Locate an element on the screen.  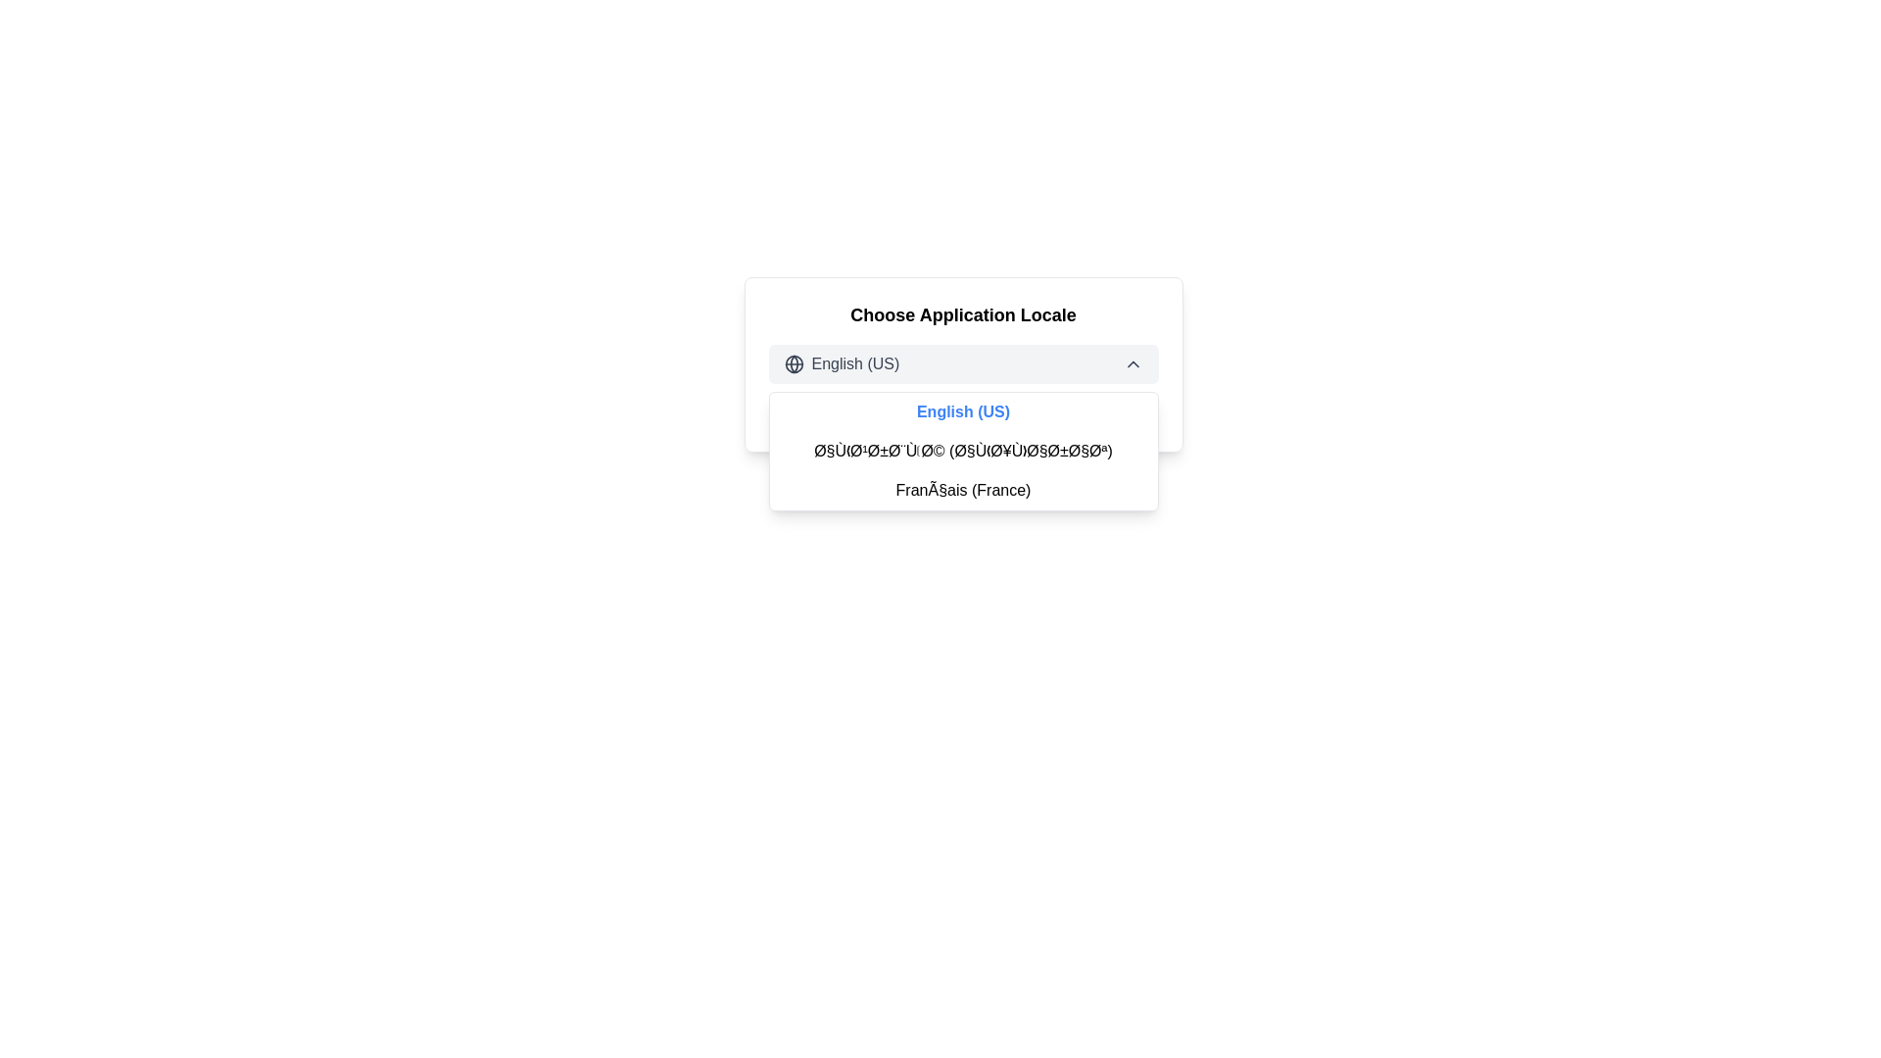
the Dropdown Menu Button to navigate options via keyboard, located centrally below the header 'Choose Application Locale' is located at coordinates (963, 363).